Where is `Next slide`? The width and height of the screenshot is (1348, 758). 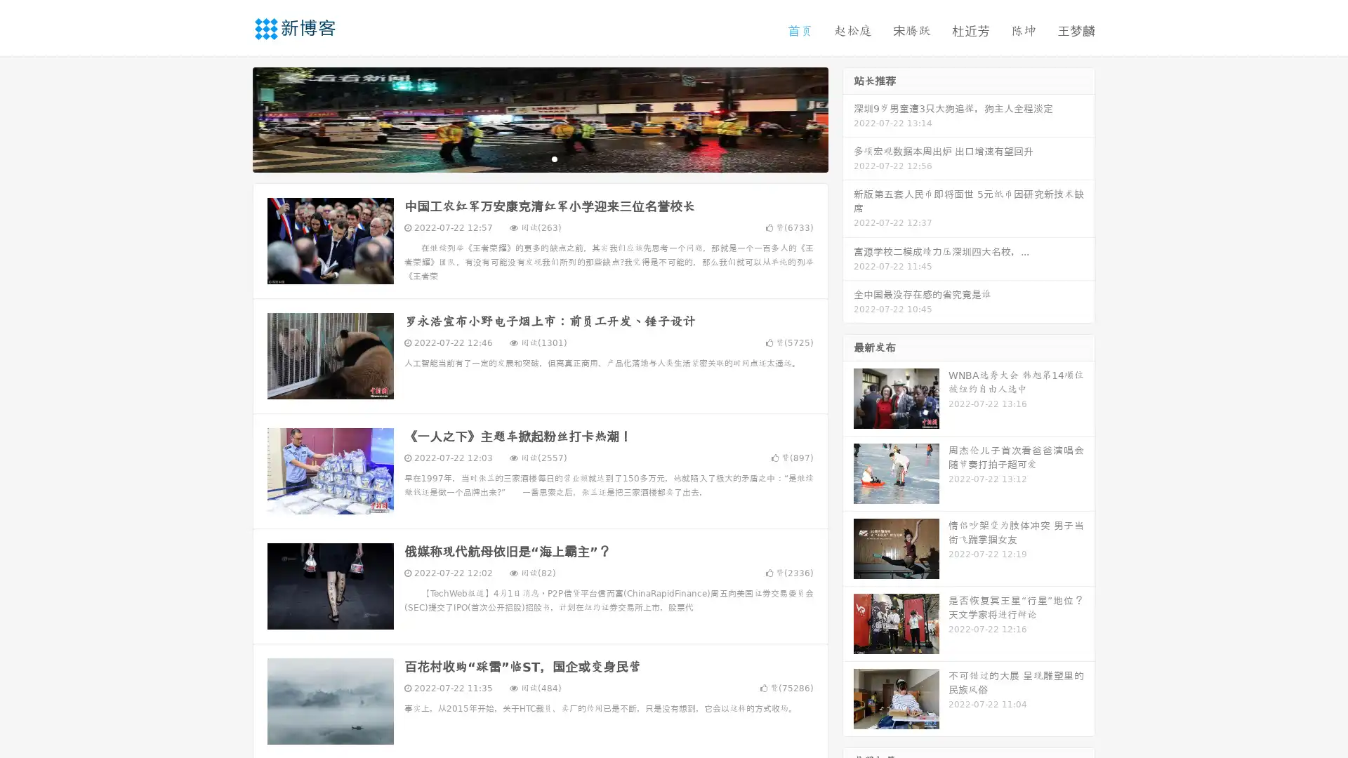
Next slide is located at coordinates (848, 118).